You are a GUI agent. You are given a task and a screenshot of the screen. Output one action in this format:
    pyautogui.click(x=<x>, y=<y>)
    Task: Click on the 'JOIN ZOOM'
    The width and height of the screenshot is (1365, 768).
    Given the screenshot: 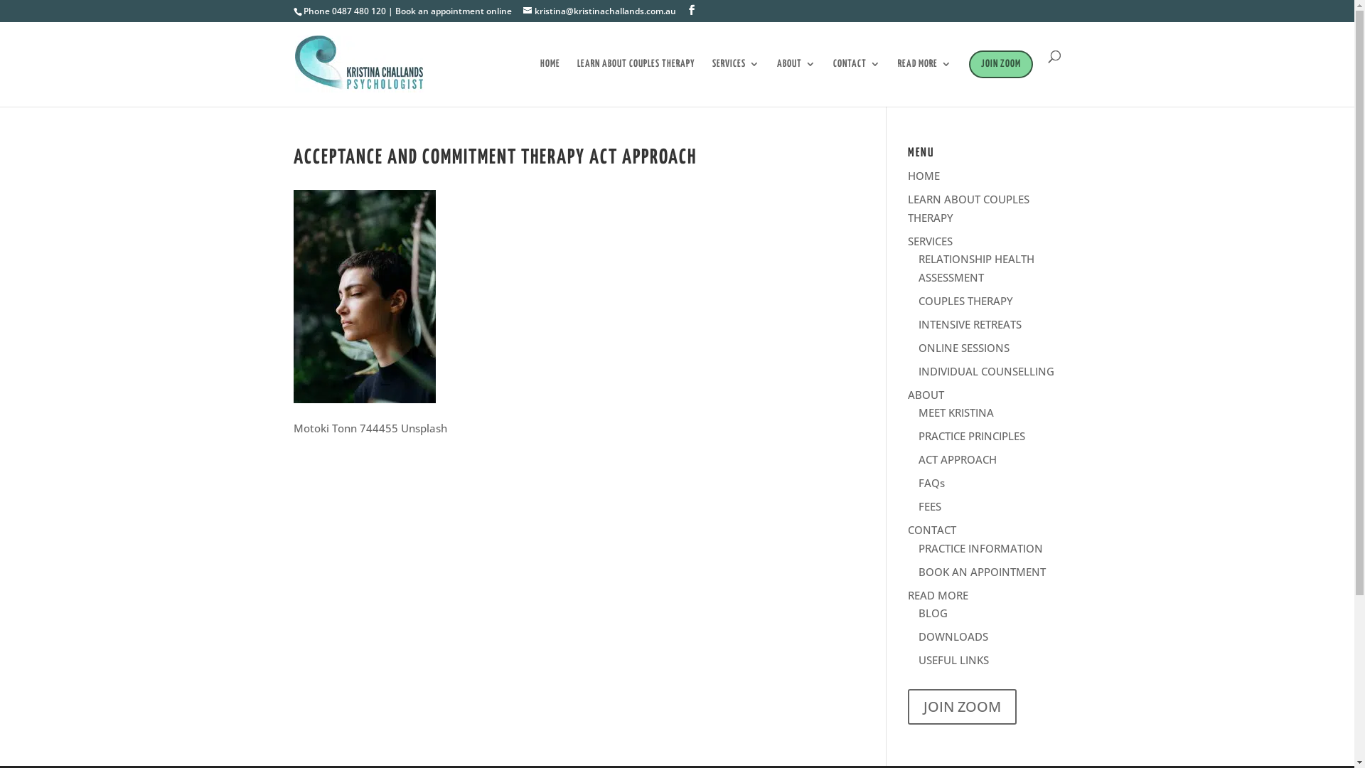 What is the action you would take?
    pyautogui.click(x=968, y=78)
    